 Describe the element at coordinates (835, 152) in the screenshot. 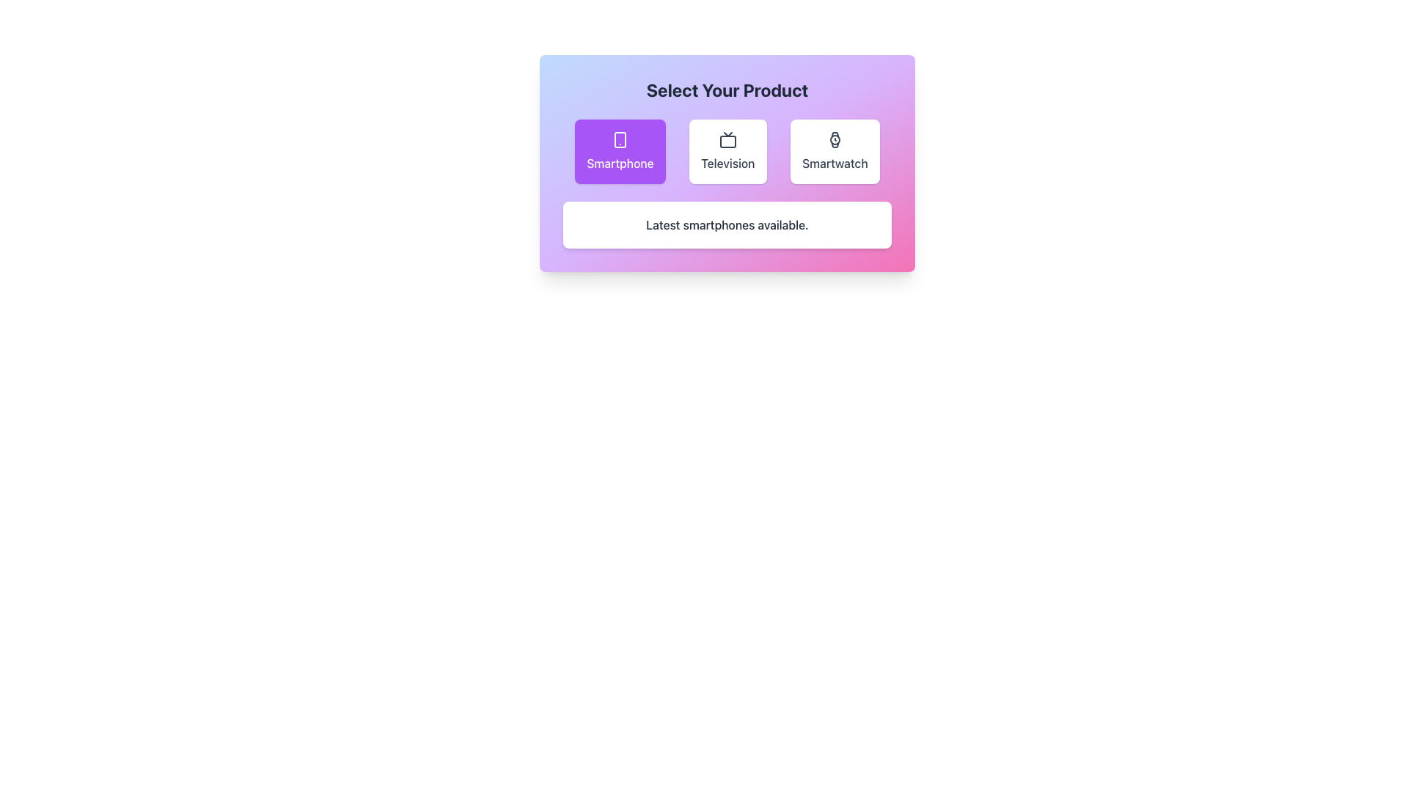

I see `the 'Smartwatch' selection button, which is the third card from the left in a horizontal list within a dialog box` at that location.